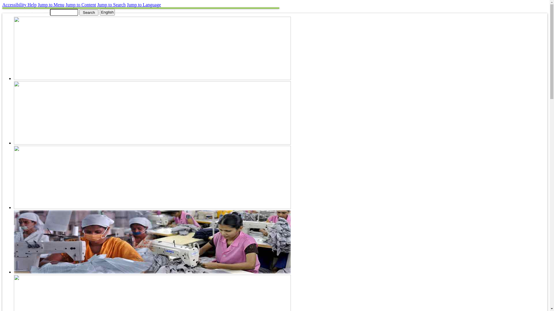 This screenshot has height=311, width=554. Describe the element at coordinates (144, 5) in the screenshot. I see `'Jump to Language'` at that location.